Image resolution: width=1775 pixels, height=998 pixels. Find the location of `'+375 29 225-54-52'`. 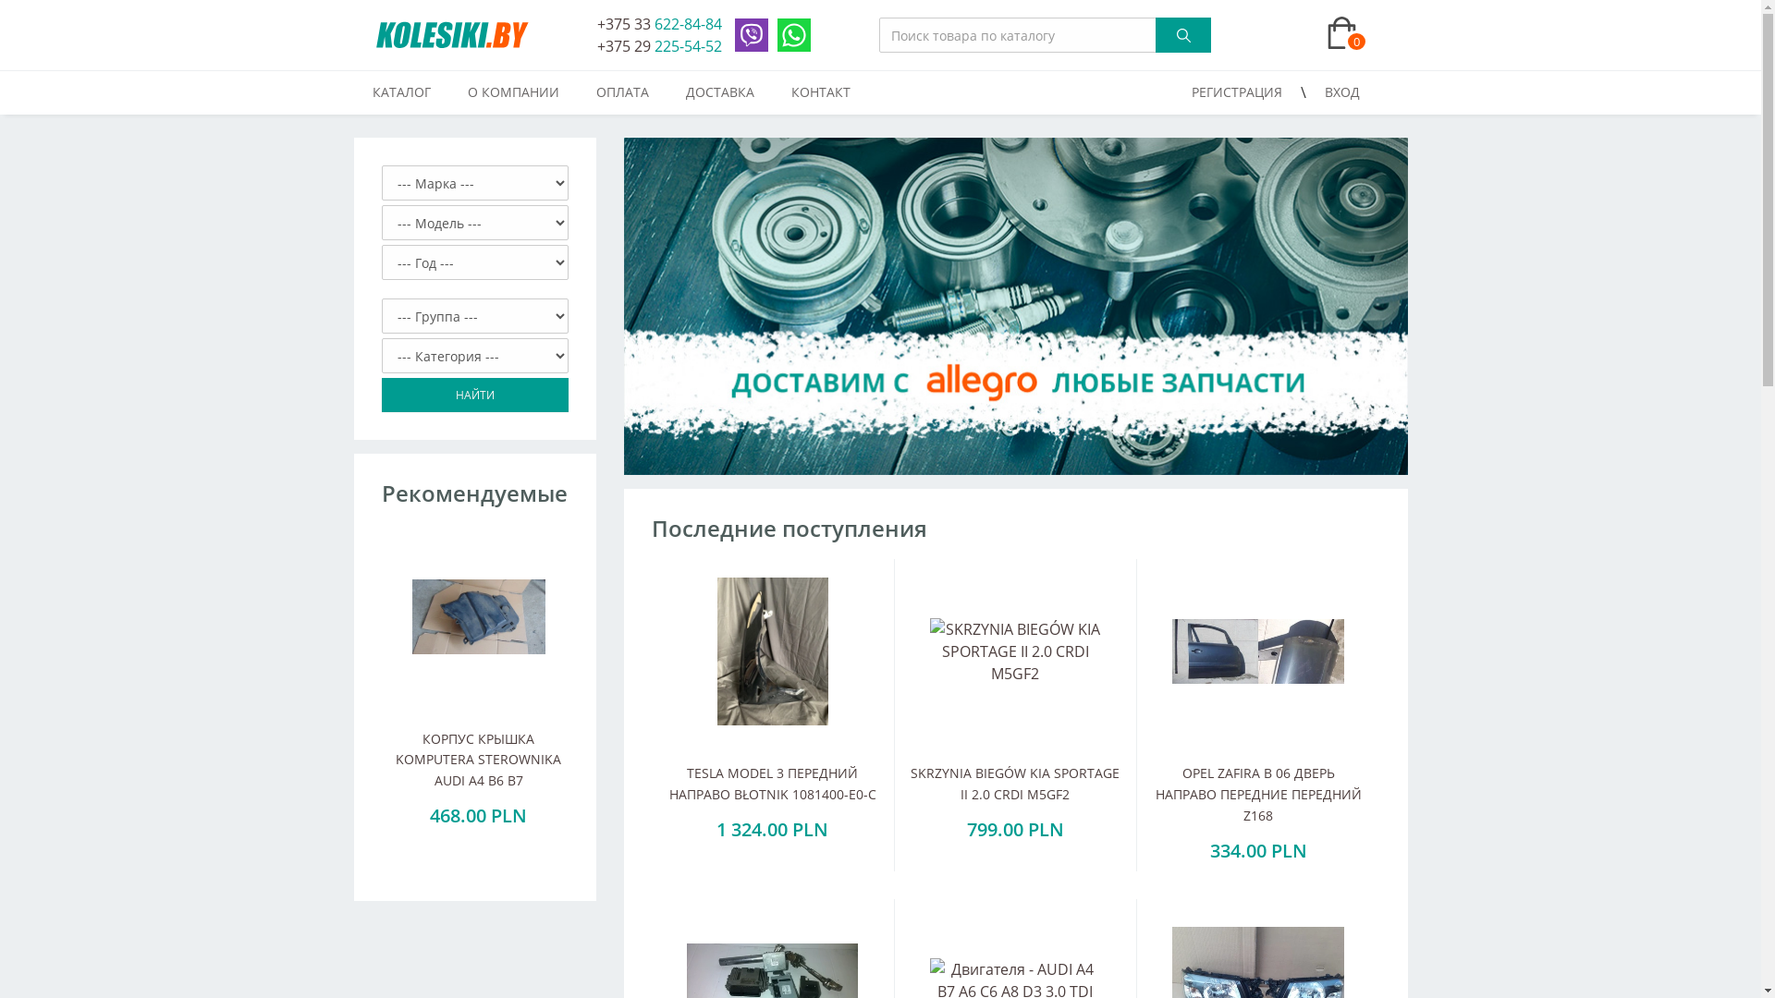

'+375 29 225-54-52' is located at coordinates (659, 45).